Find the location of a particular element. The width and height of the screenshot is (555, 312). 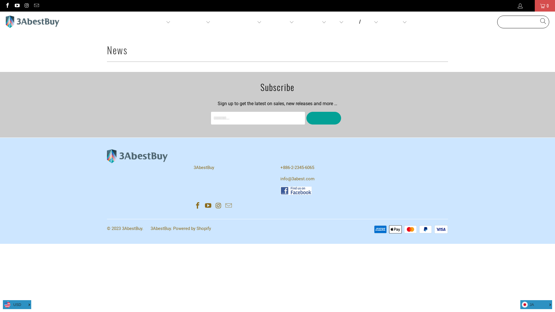

'3AbestBuy on YouTube' is located at coordinates (208, 206).